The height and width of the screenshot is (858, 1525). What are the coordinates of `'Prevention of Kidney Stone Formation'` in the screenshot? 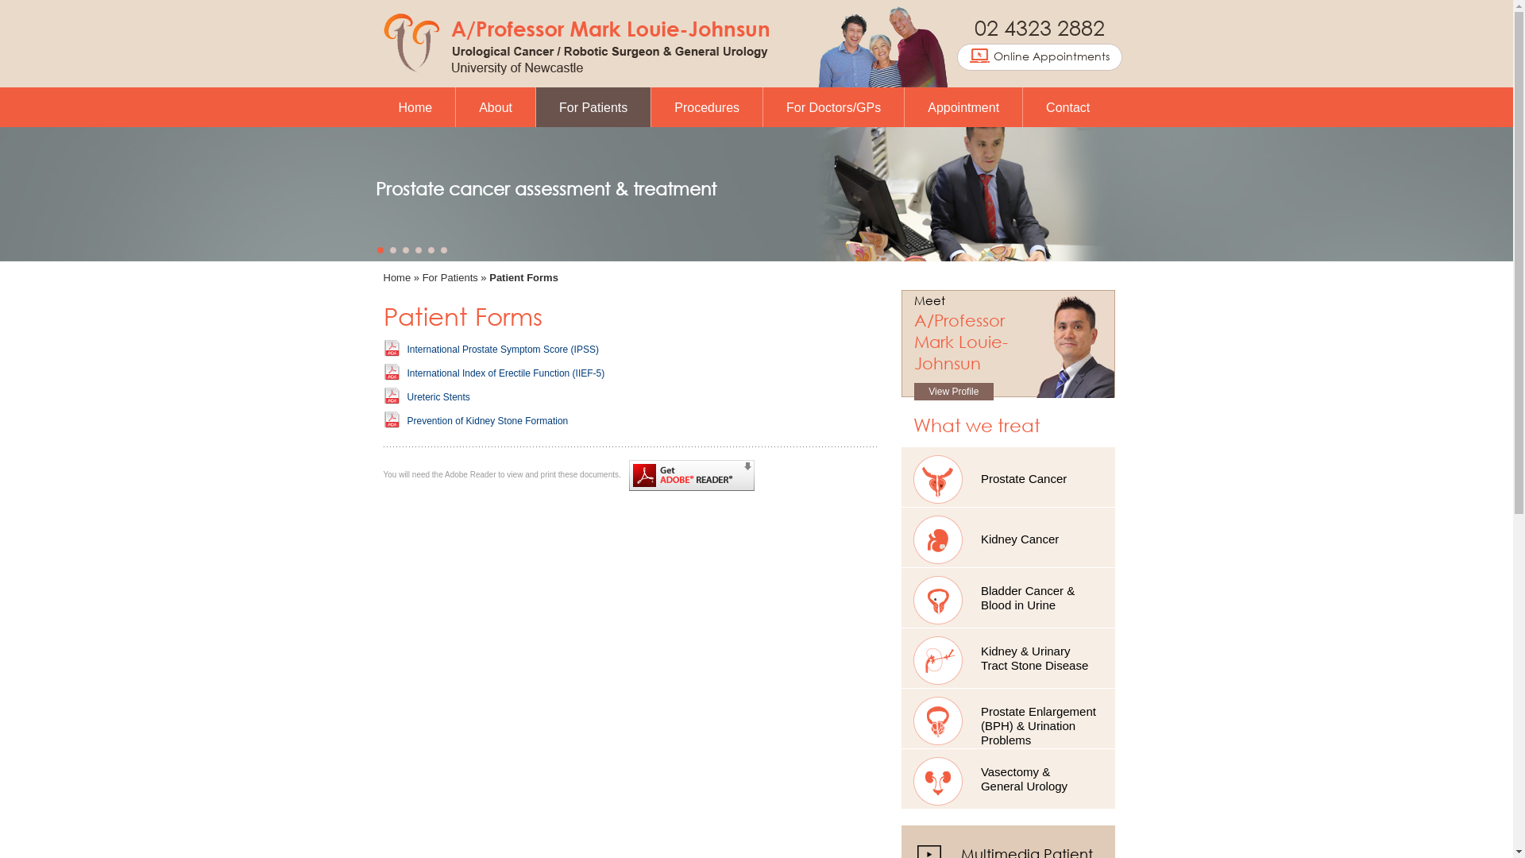 It's located at (486, 419).